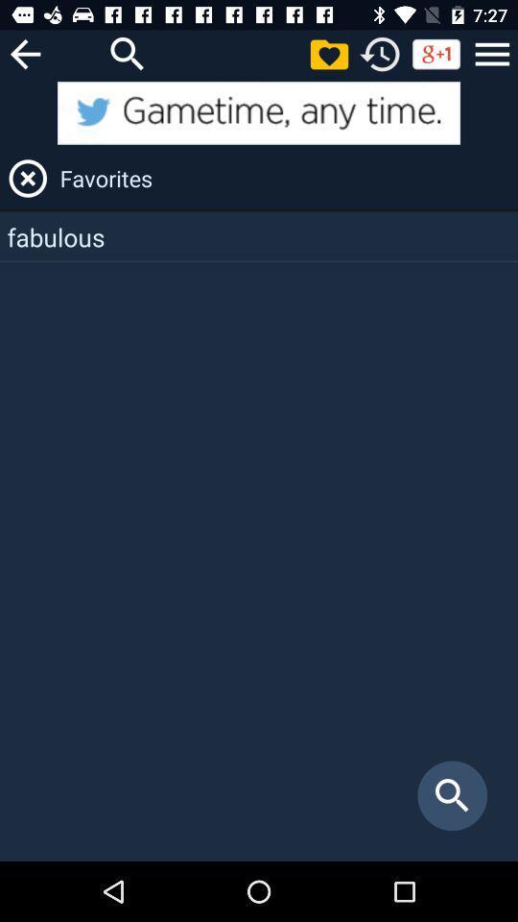  Describe the element at coordinates (24, 53) in the screenshot. I see `que no se te acaben las palabras` at that location.